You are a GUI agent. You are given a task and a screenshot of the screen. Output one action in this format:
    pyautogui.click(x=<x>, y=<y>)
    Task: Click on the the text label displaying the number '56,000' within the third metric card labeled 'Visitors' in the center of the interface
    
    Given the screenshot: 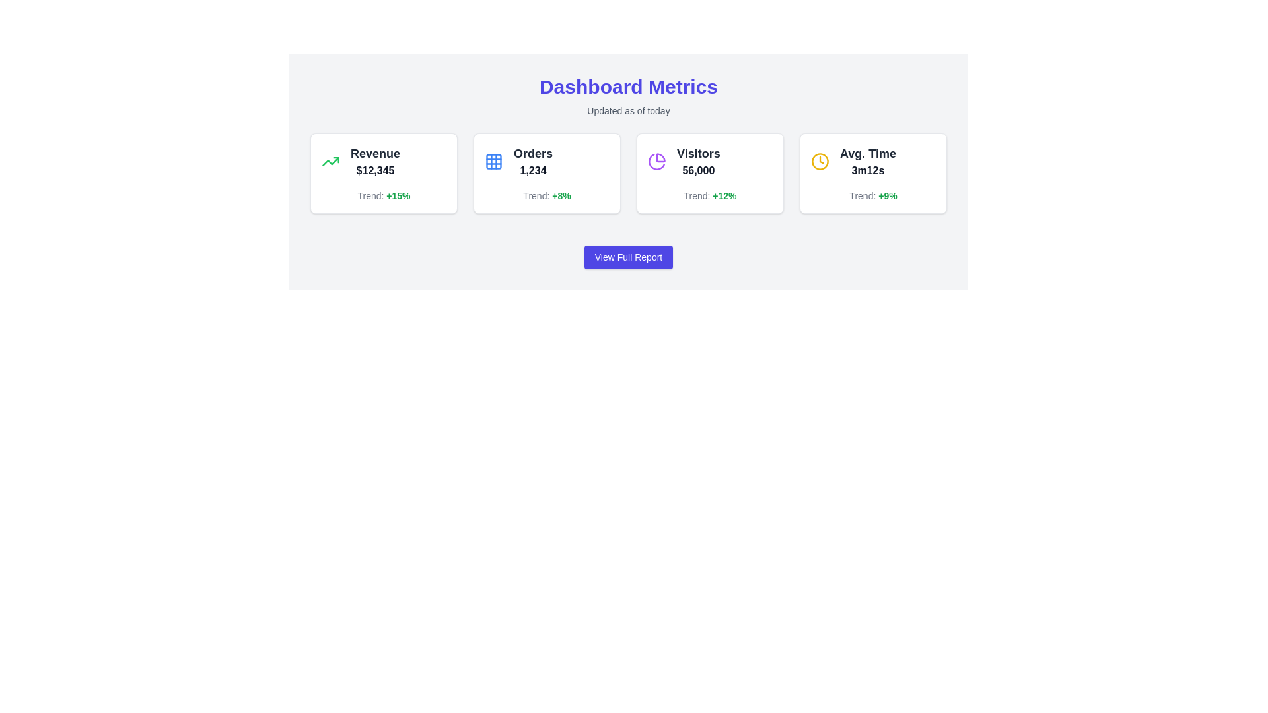 What is the action you would take?
    pyautogui.click(x=697, y=170)
    